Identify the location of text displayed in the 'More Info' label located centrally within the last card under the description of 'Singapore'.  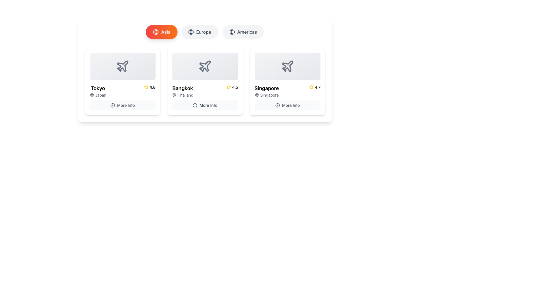
(291, 105).